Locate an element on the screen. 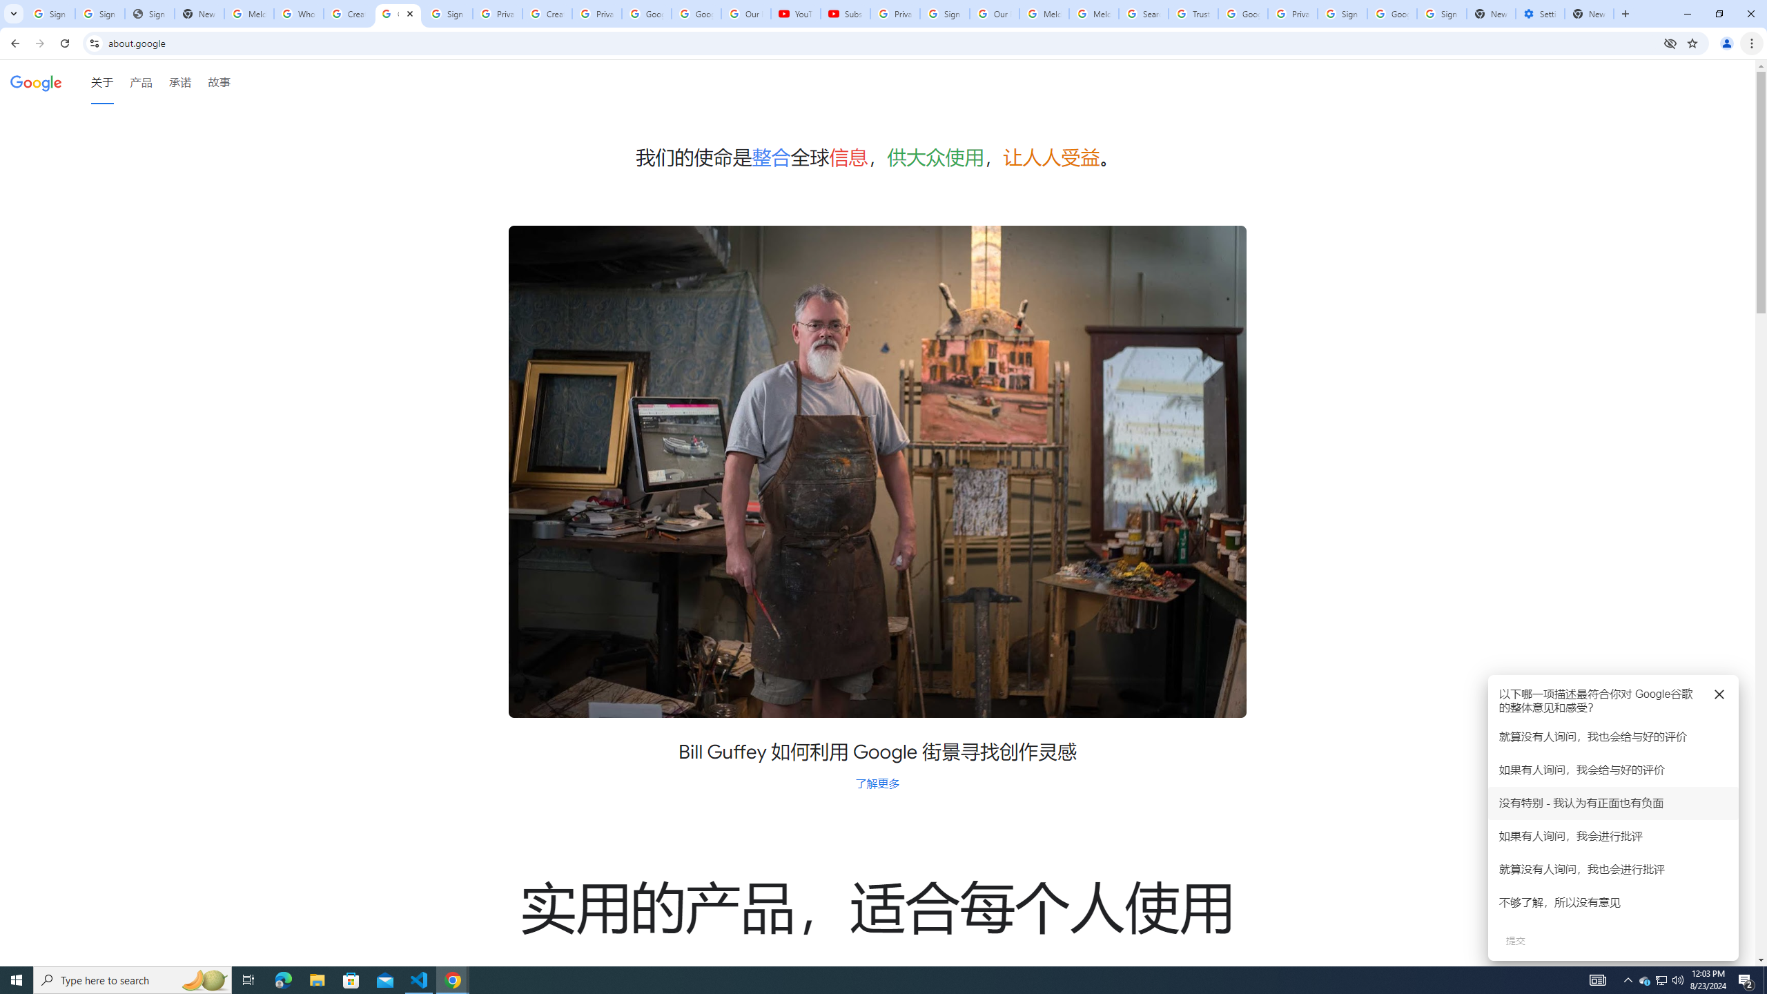 Image resolution: width=1767 pixels, height=994 pixels. 'Create your Google Account' is located at coordinates (349, 13).